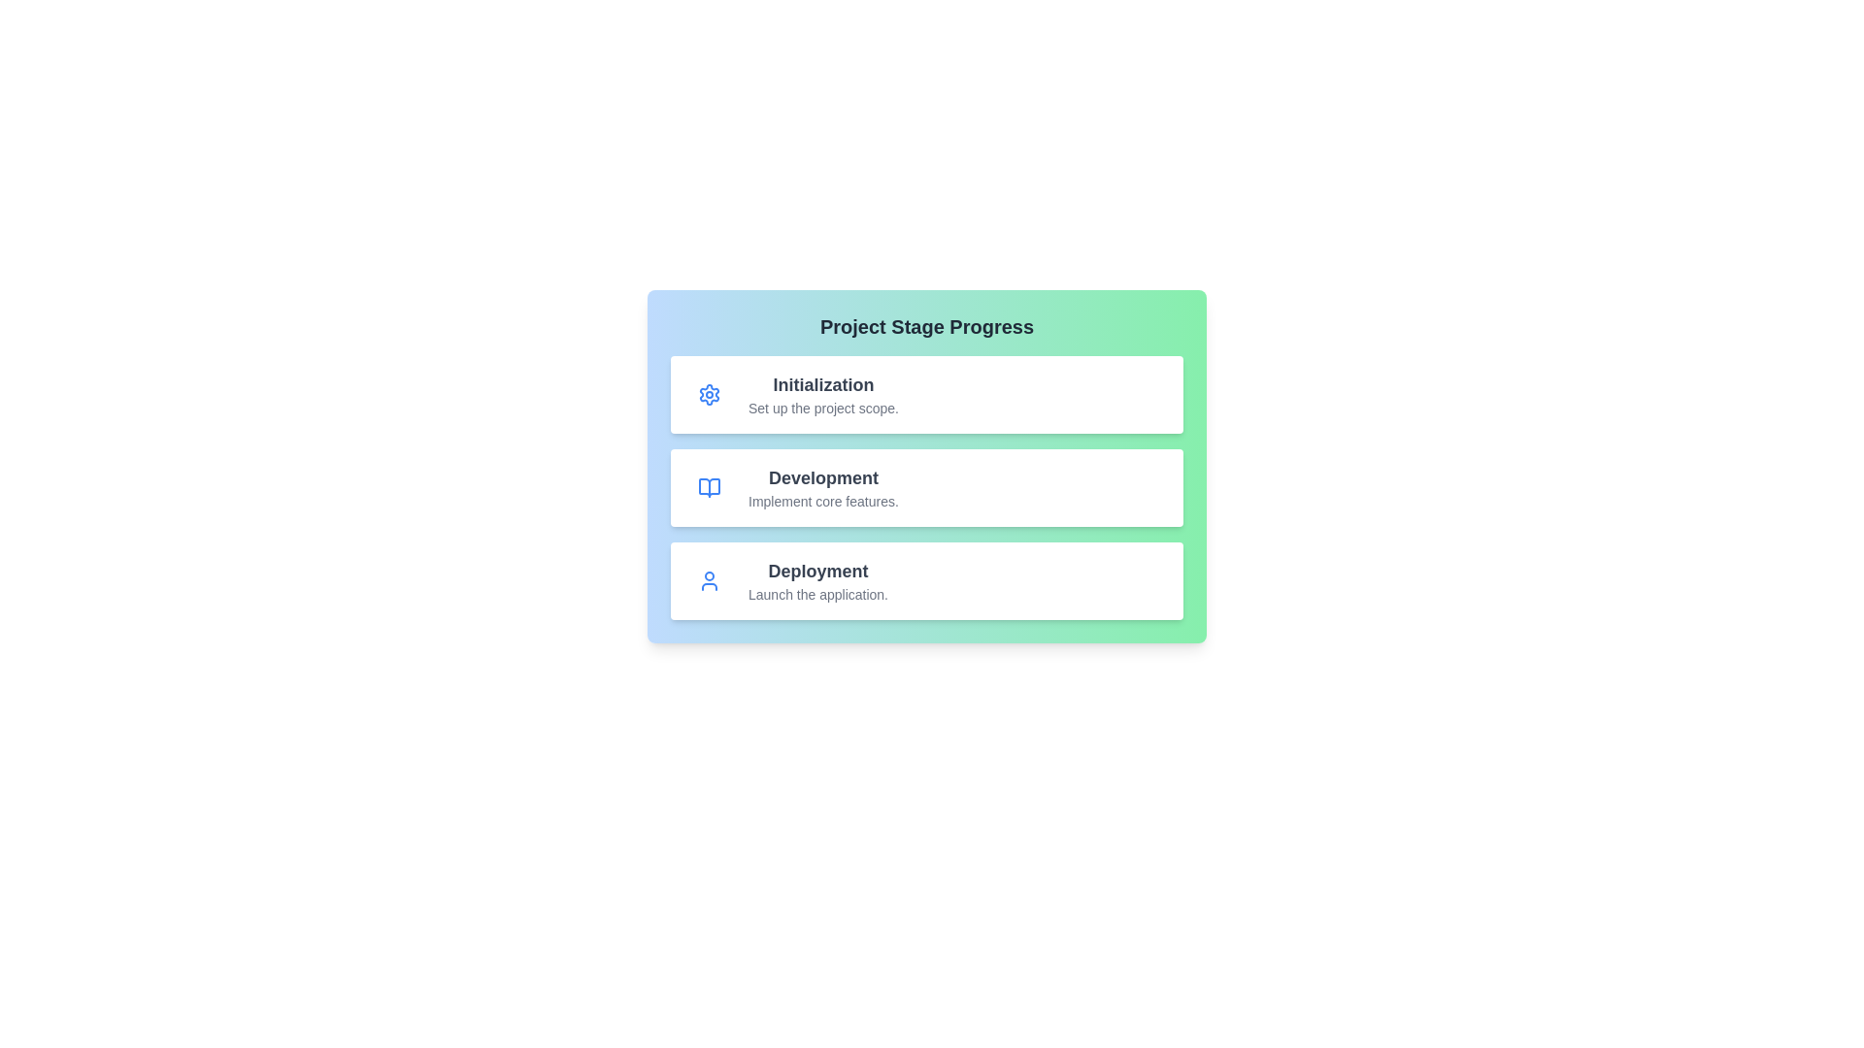  Describe the element at coordinates (926, 486) in the screenshot. I see `information from the second Informational Card in the 'Project Stage Progress' group, which contains the title 'Development' and the description 'Implement core features.'` at that location.